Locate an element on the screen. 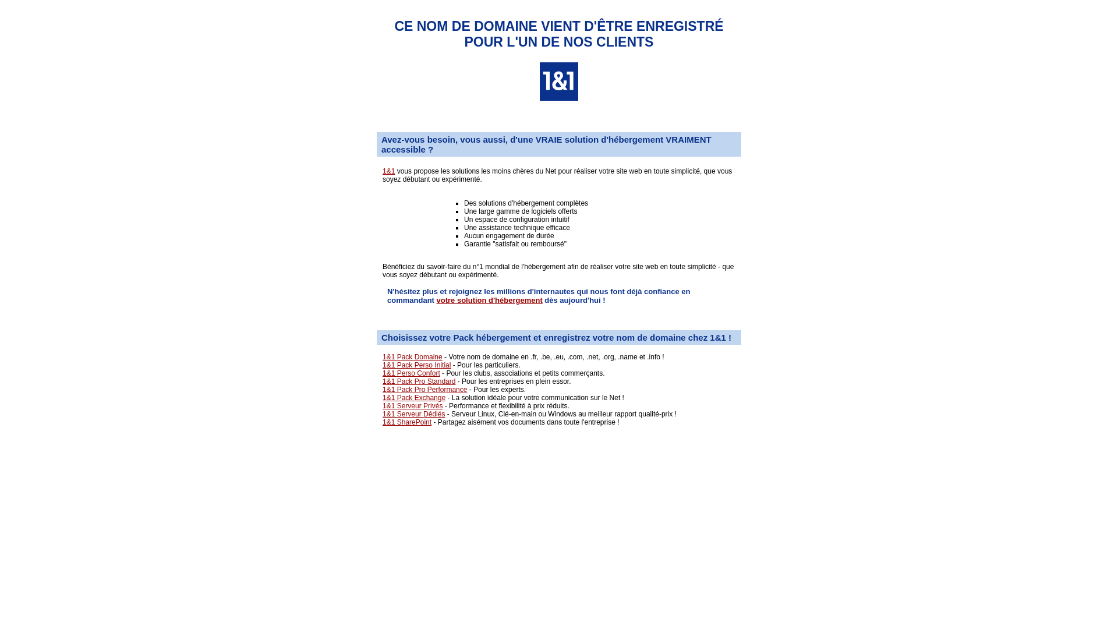 The image size is (1118, 629). '1&1 Pack Pro Standard' is located at coordinates (419, 381).